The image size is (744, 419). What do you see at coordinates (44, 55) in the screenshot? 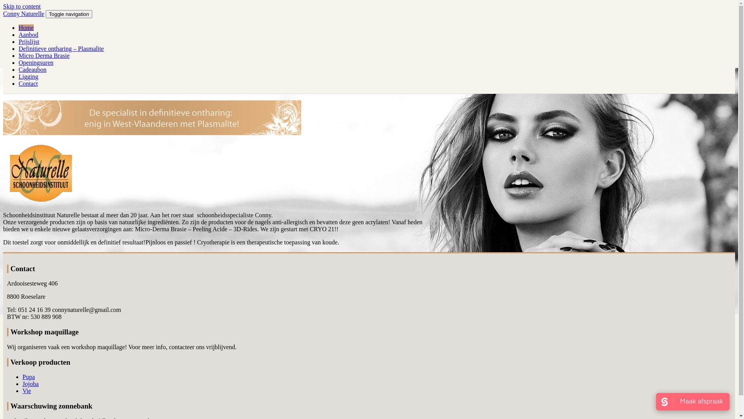
I see `'Micro Derma Brasie'` at bounding box center [44, 55].